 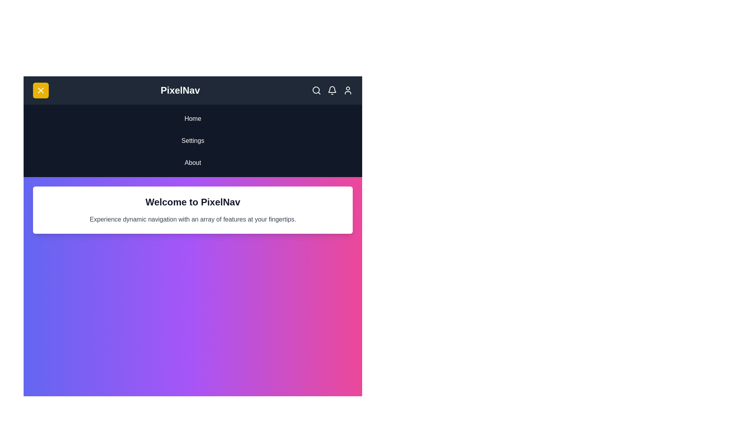 What do you see at coordinates (332, 90) in the screenshot?
I see `the 'Bell' icon to trigger its associated action` at bounding box center [332, 90].